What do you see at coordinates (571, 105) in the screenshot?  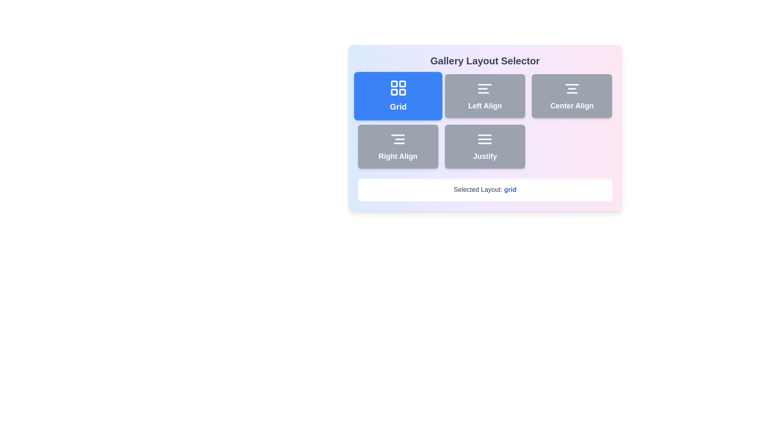 I see `'Center Align' text label located at the bottom segment of the 'Center Align' button in the layout selector` at bounding box center [571, 105].